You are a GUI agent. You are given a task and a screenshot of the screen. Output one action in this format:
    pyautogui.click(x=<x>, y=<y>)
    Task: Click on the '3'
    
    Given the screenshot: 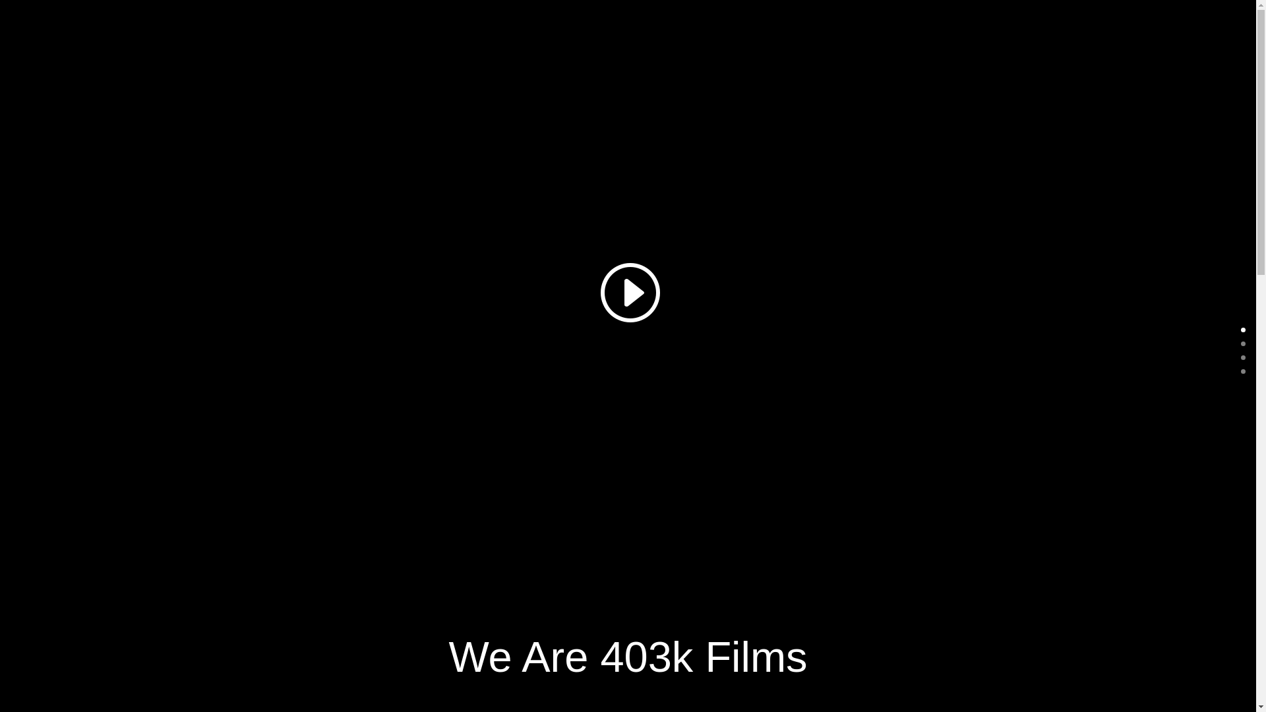 What is the action you would take?
    pyautogui.click(x=1242, y=371)
    